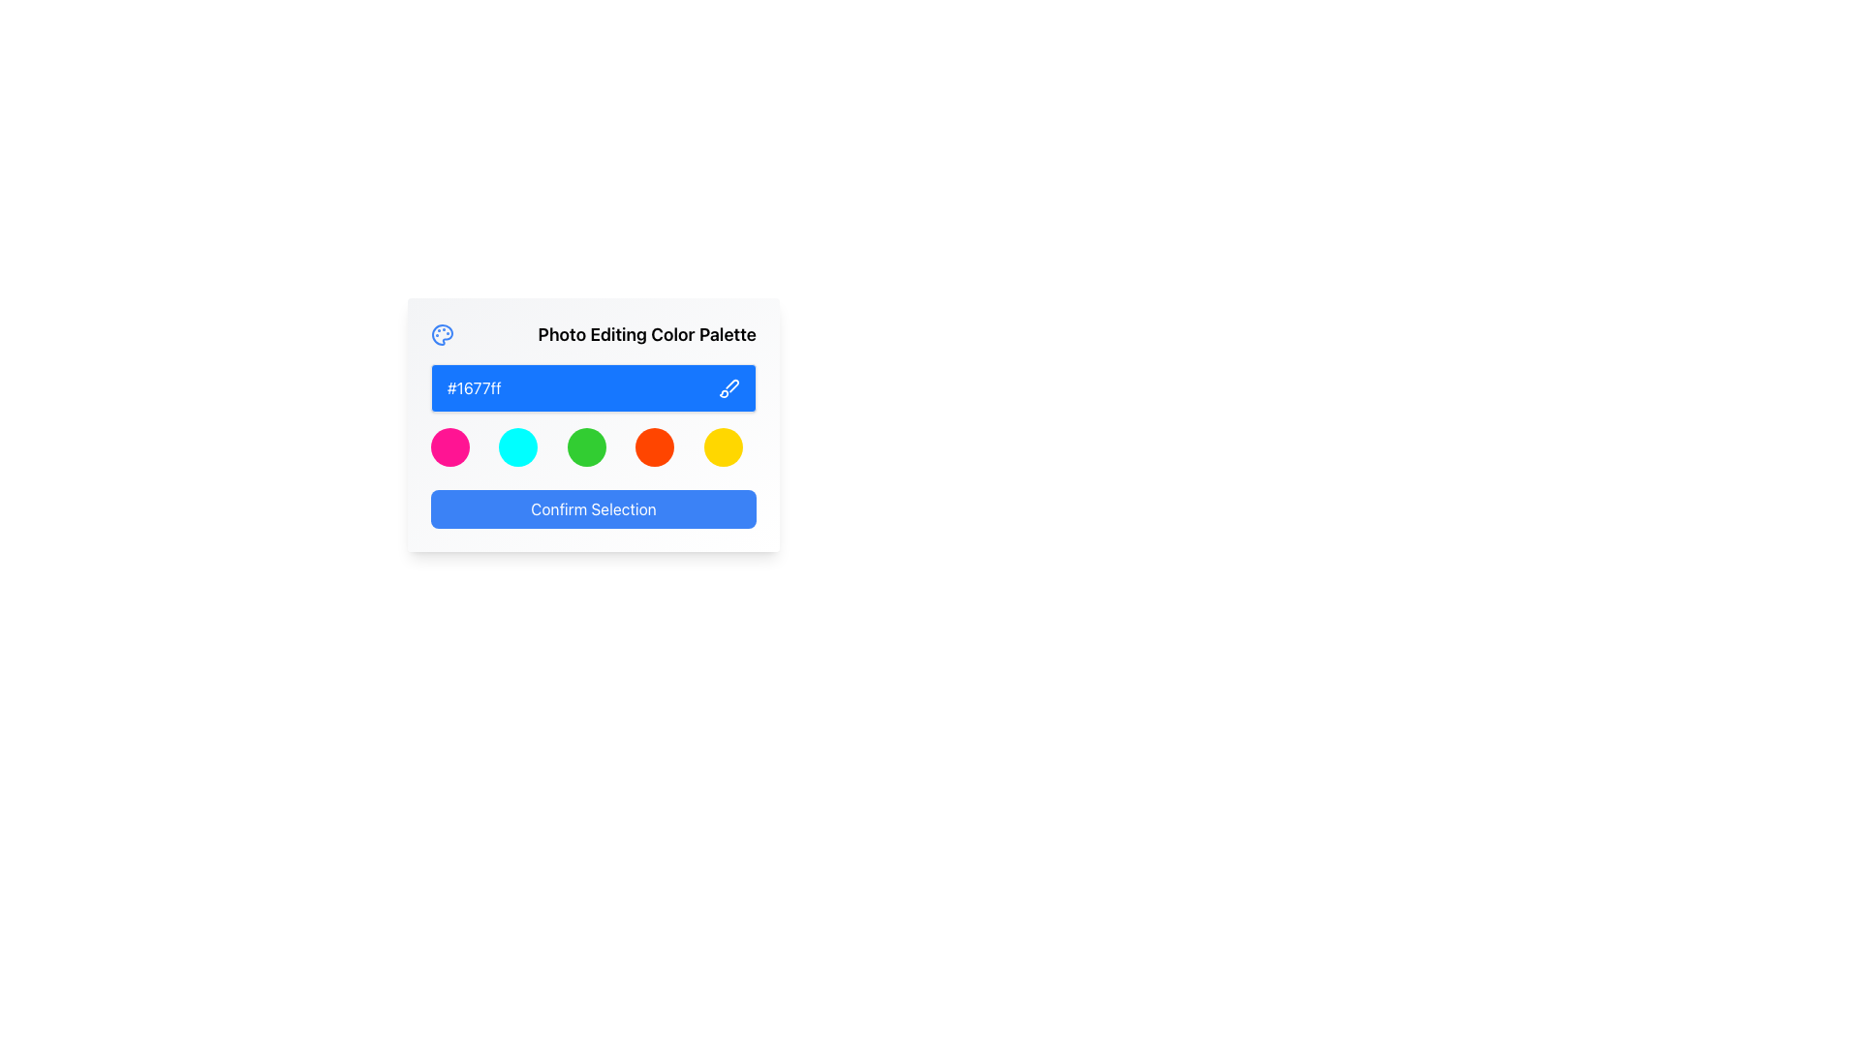 Image resolution: width=1860 pixels, height=1046 pixels. What do you see at coordinates (441, 334) in the screenshot?
I see `the graphical icon representing the color palette in the top-left corner of the Photo Editing Color Palette dialog box` at bounding box center [441, 334].